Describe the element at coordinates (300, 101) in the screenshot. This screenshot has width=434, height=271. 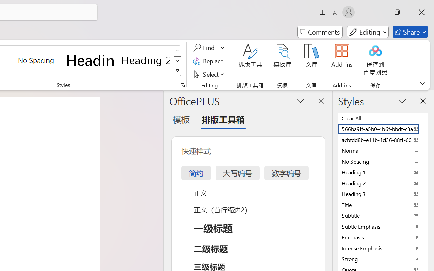
I see `'Task Pane Options'` at that location.